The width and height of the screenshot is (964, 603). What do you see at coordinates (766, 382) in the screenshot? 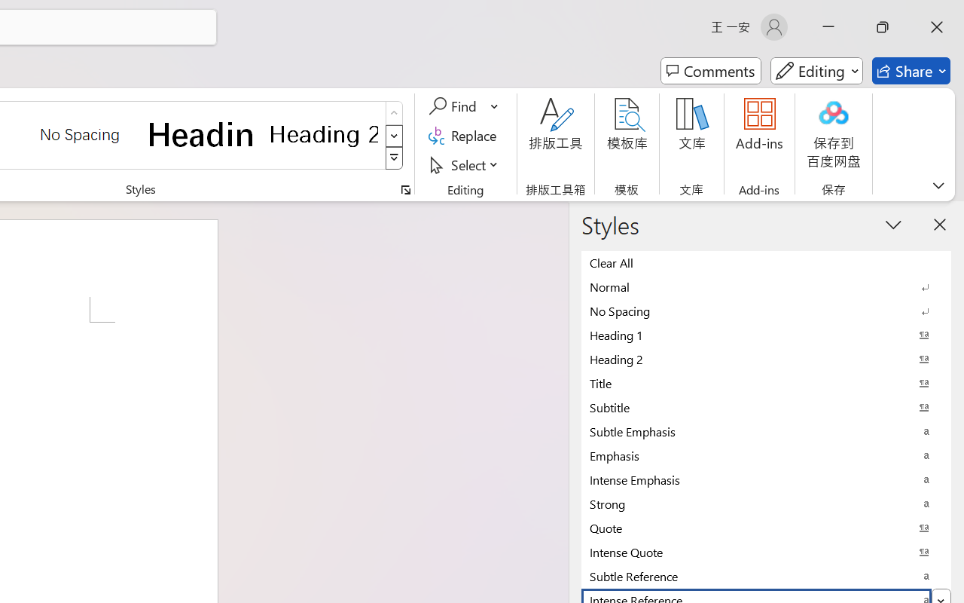
I see `'Title'` at bounding box center [766, 382].